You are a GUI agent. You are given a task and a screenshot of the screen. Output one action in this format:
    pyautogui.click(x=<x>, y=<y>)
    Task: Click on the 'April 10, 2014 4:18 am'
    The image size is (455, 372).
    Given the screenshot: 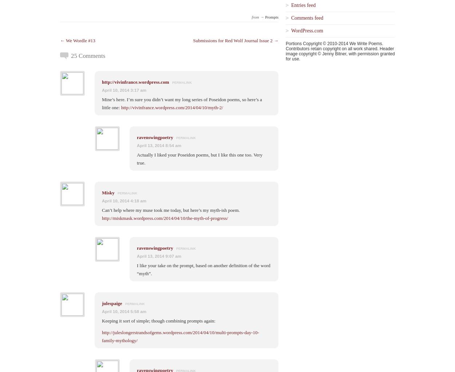 What is the action you would take?
    pyautogui.click(x=124, y=200)
    